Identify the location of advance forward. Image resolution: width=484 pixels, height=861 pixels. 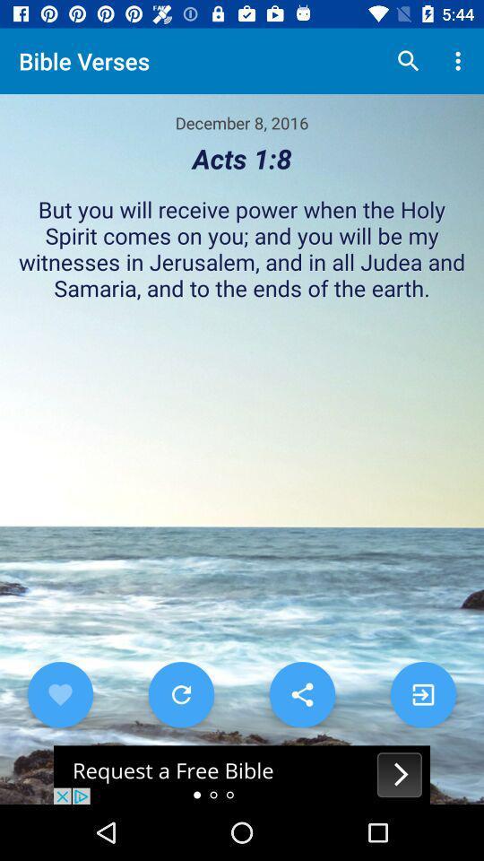
(423, 693).